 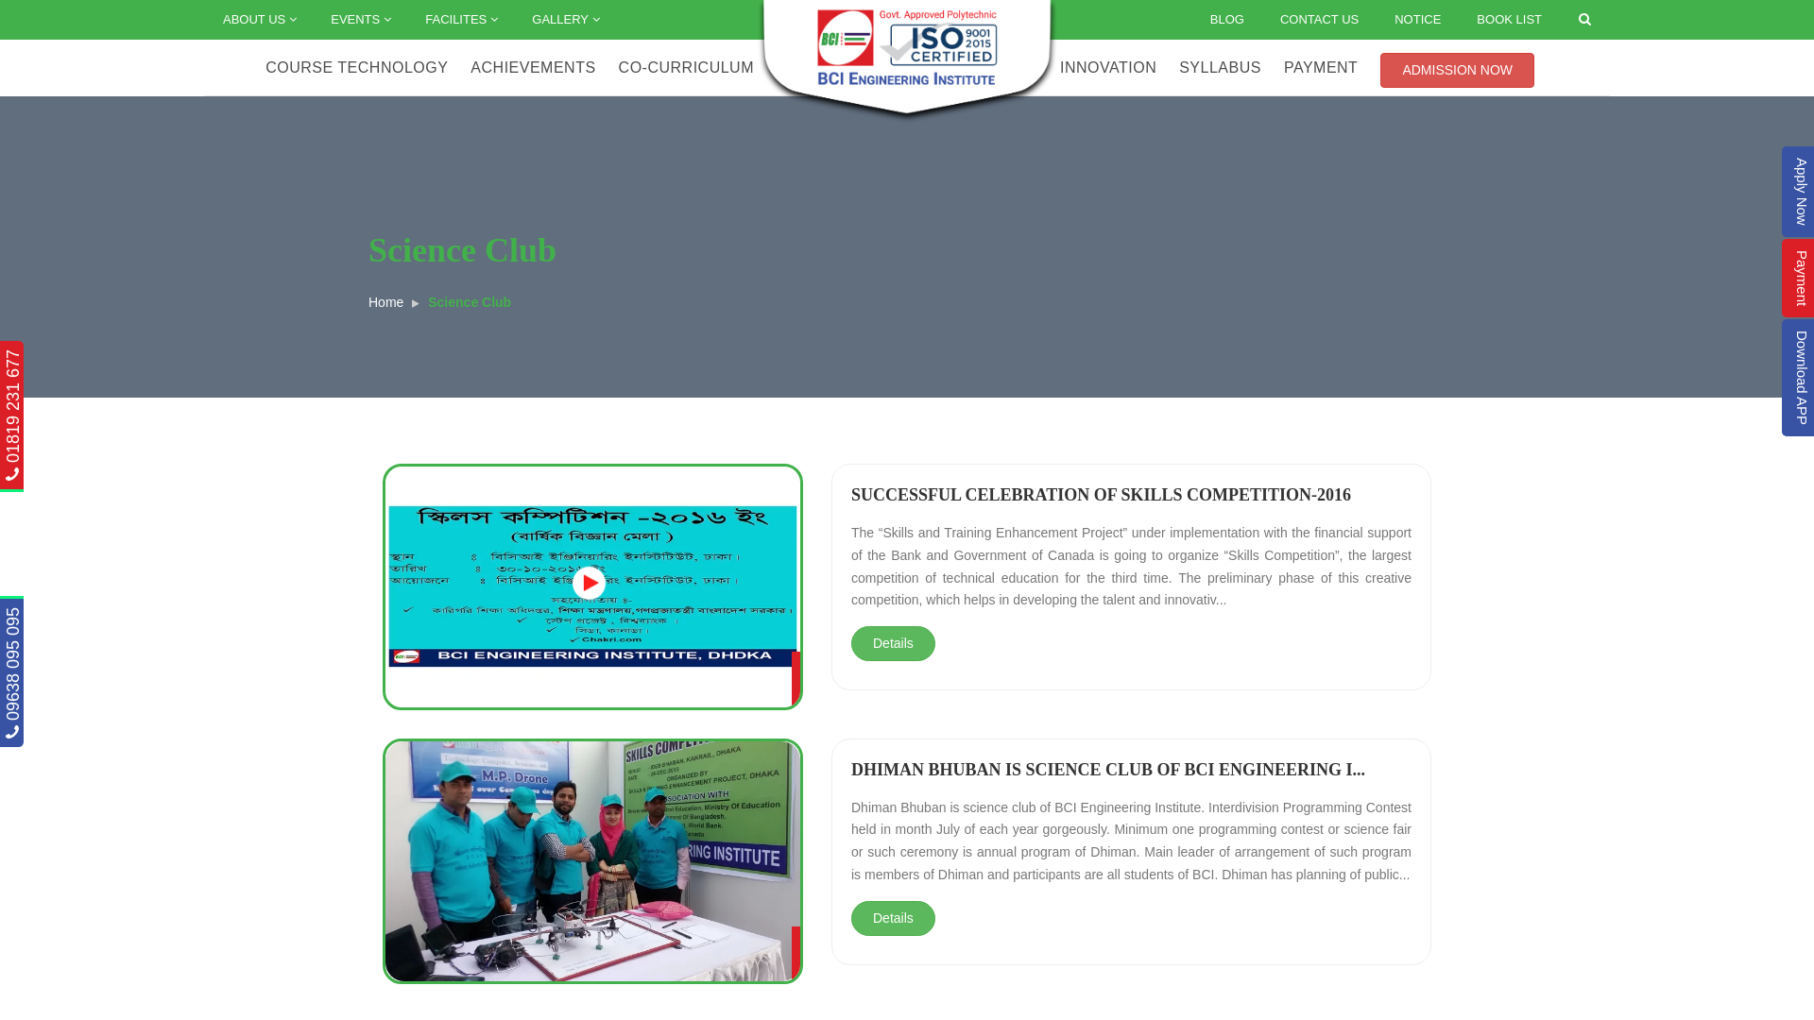 I want to click on 'BOOK LIST', so click(x=1458, y=19).